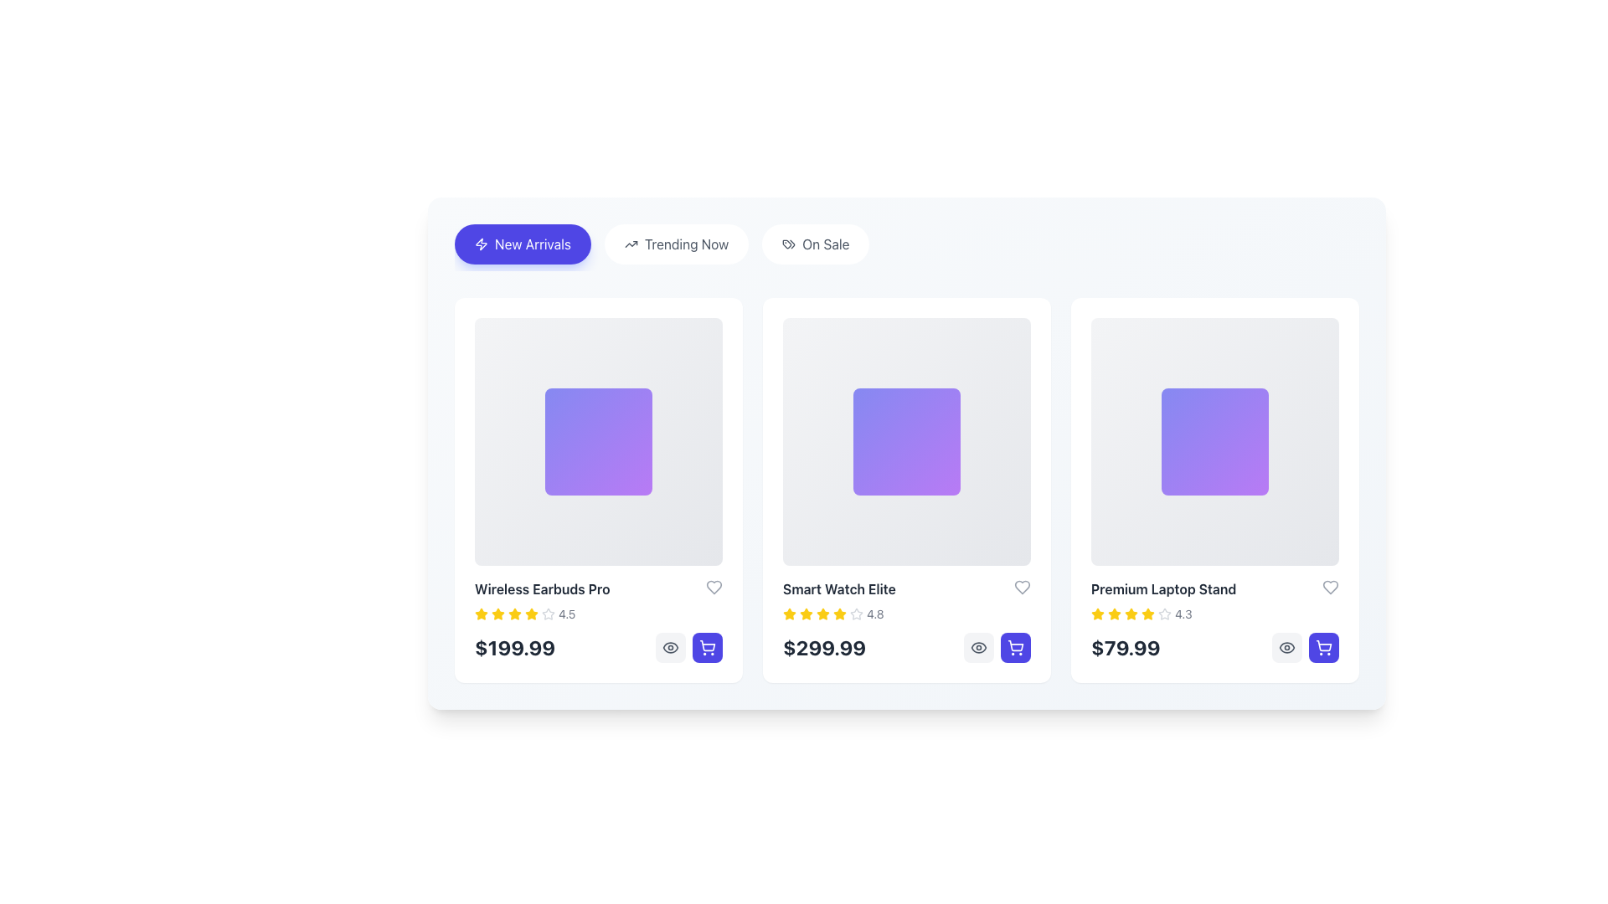  What do you see at coordinates (1021, 587) in the screenshot?
I see `the favorite button located at the top-right corner of the 'Smart Watch Elite' product card` at bounding box center [1021, 587].